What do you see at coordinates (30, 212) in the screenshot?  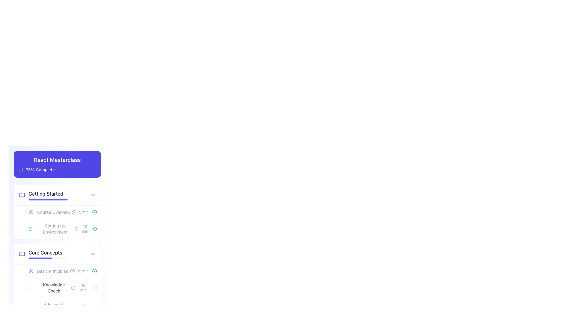 I see `SVG circle element, which is a circular outline located at the center of its bounding box, for developer purposes` at bounding box center [30, 212].